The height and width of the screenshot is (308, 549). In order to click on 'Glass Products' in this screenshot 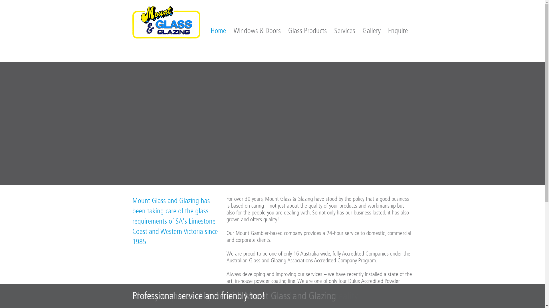, I will do `click(307, 31)`.